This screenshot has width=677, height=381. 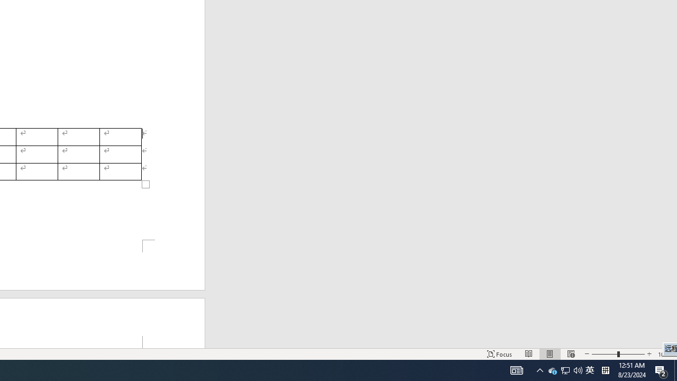 I want to click on 'Zoom Out', so click(x=605, y=354).